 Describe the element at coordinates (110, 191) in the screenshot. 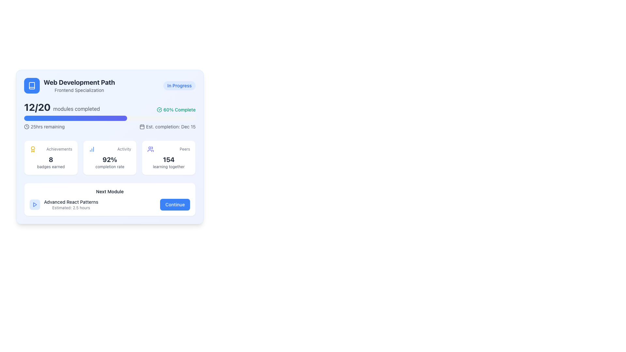

I see `the descriptive text label indicating the module within the learning progression, located above the module name 'Advanced React Patterns' and to the left of the 'Continue' button` at that location.